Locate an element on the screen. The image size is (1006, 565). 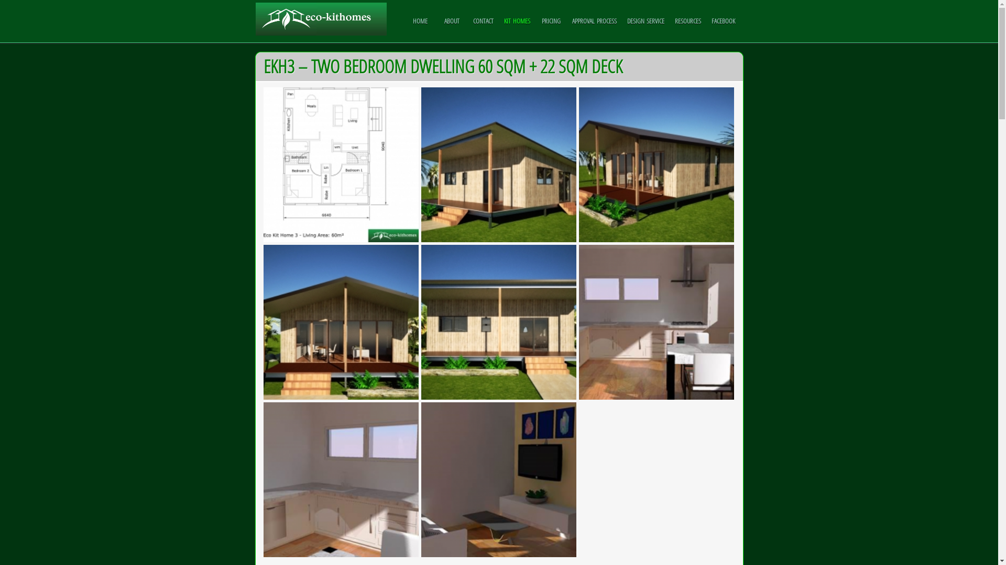
'EKH---3-Floor-Plan-for-Website' is located at coordinates (340, 165).